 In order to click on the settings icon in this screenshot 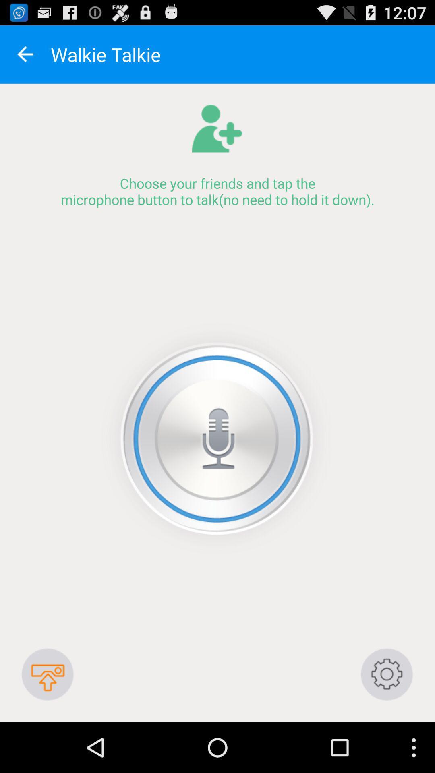, I will do `click(387, 721)`.